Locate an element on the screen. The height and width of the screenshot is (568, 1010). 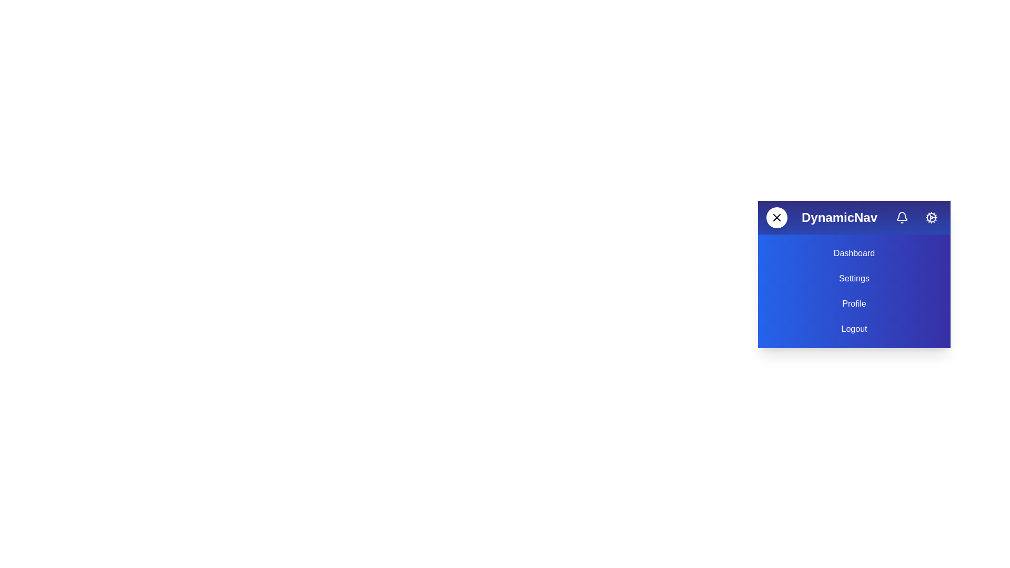
the menu item Profile is located at coordinates (854, 304).